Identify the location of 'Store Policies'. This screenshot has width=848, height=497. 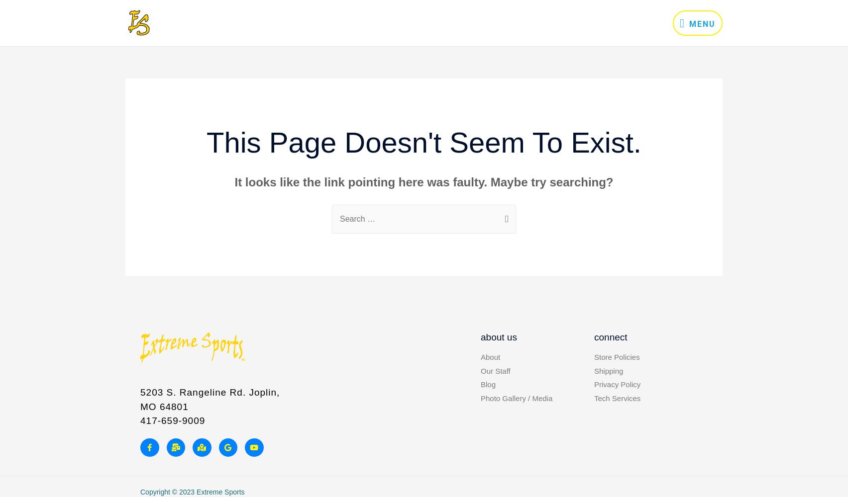
(616, 356).